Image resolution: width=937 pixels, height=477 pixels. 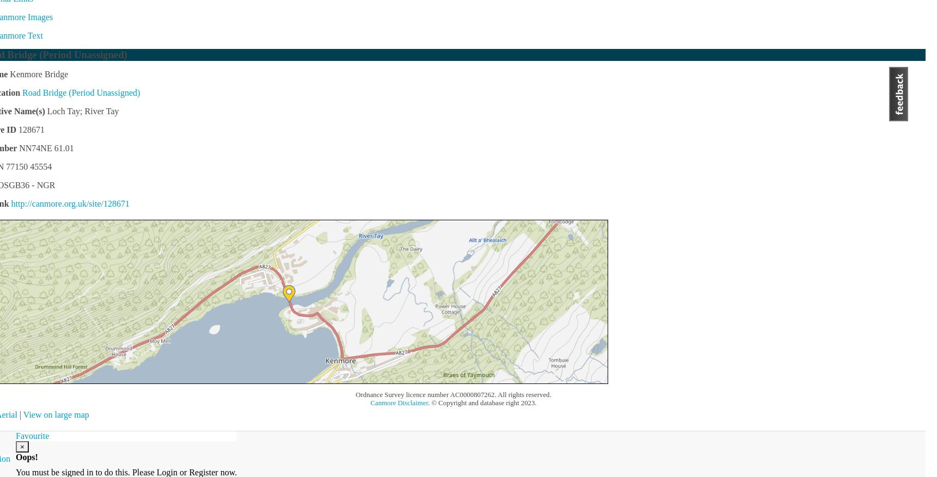 I want to click on '|', so click(x=19, y=414).